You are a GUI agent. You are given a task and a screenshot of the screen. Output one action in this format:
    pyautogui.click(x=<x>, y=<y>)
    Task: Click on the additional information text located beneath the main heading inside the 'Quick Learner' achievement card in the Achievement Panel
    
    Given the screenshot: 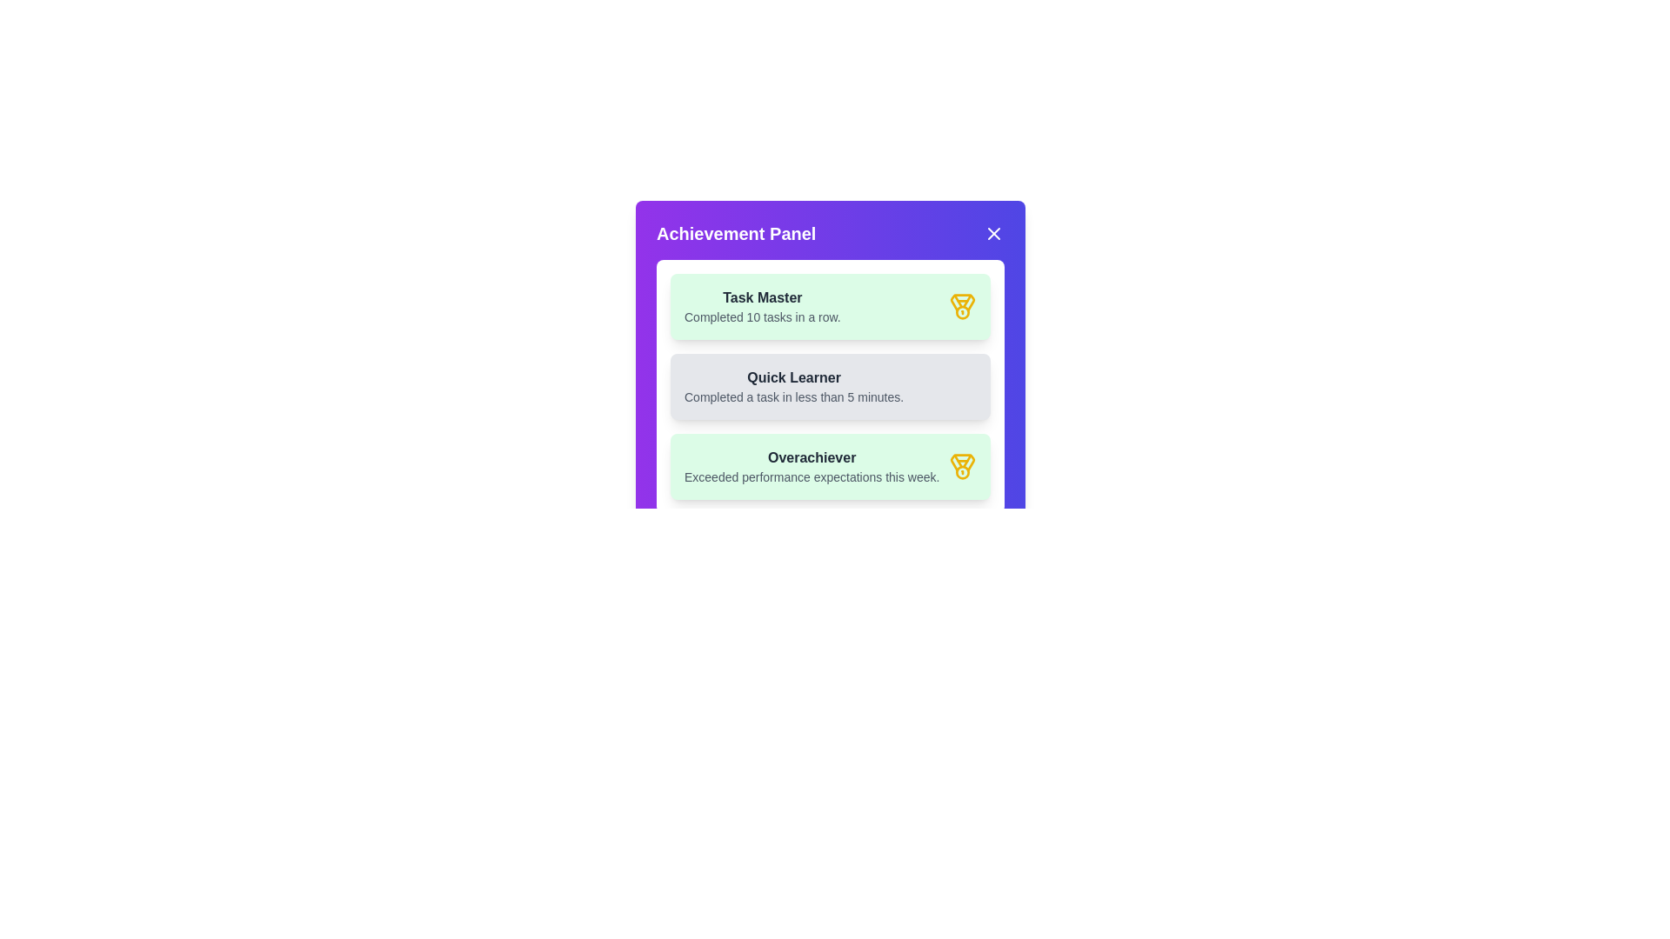 What is the action you would take?
    pyautogui.click(x=793, y=396)
    